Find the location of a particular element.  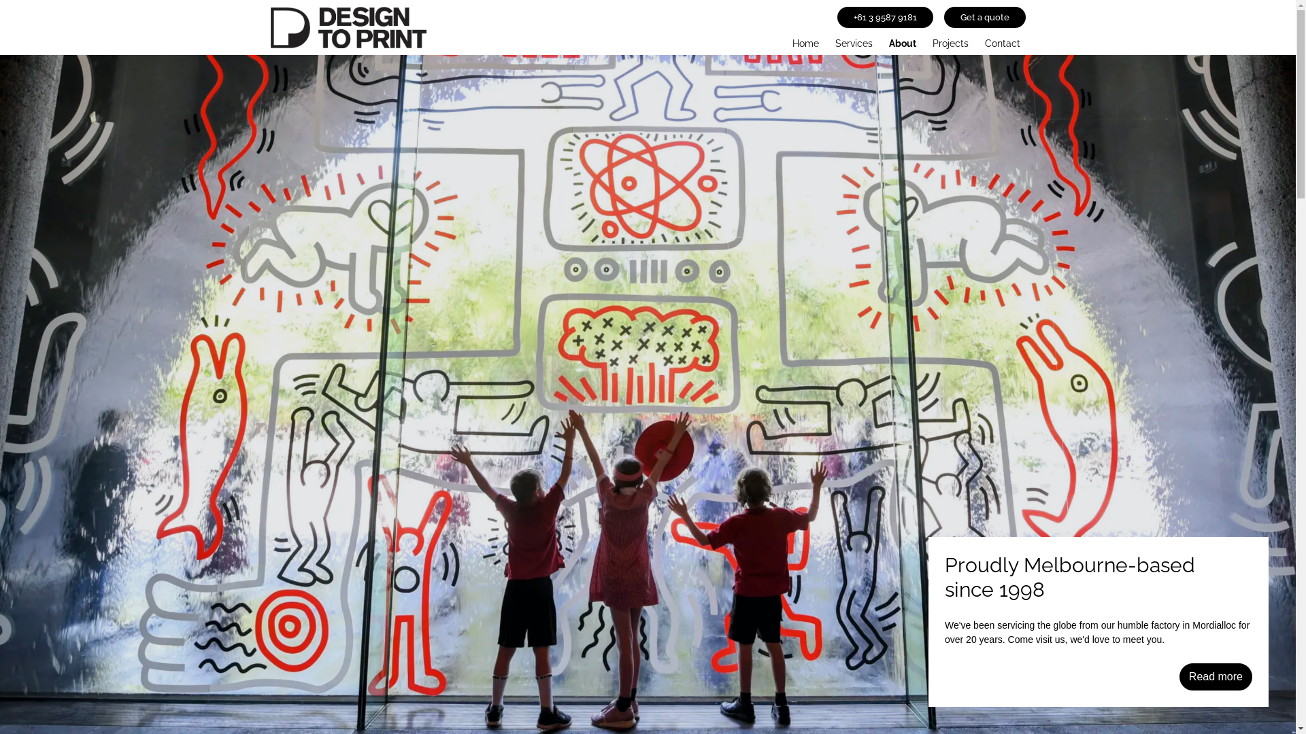

'Contact' is located at coordinates (979, 40).